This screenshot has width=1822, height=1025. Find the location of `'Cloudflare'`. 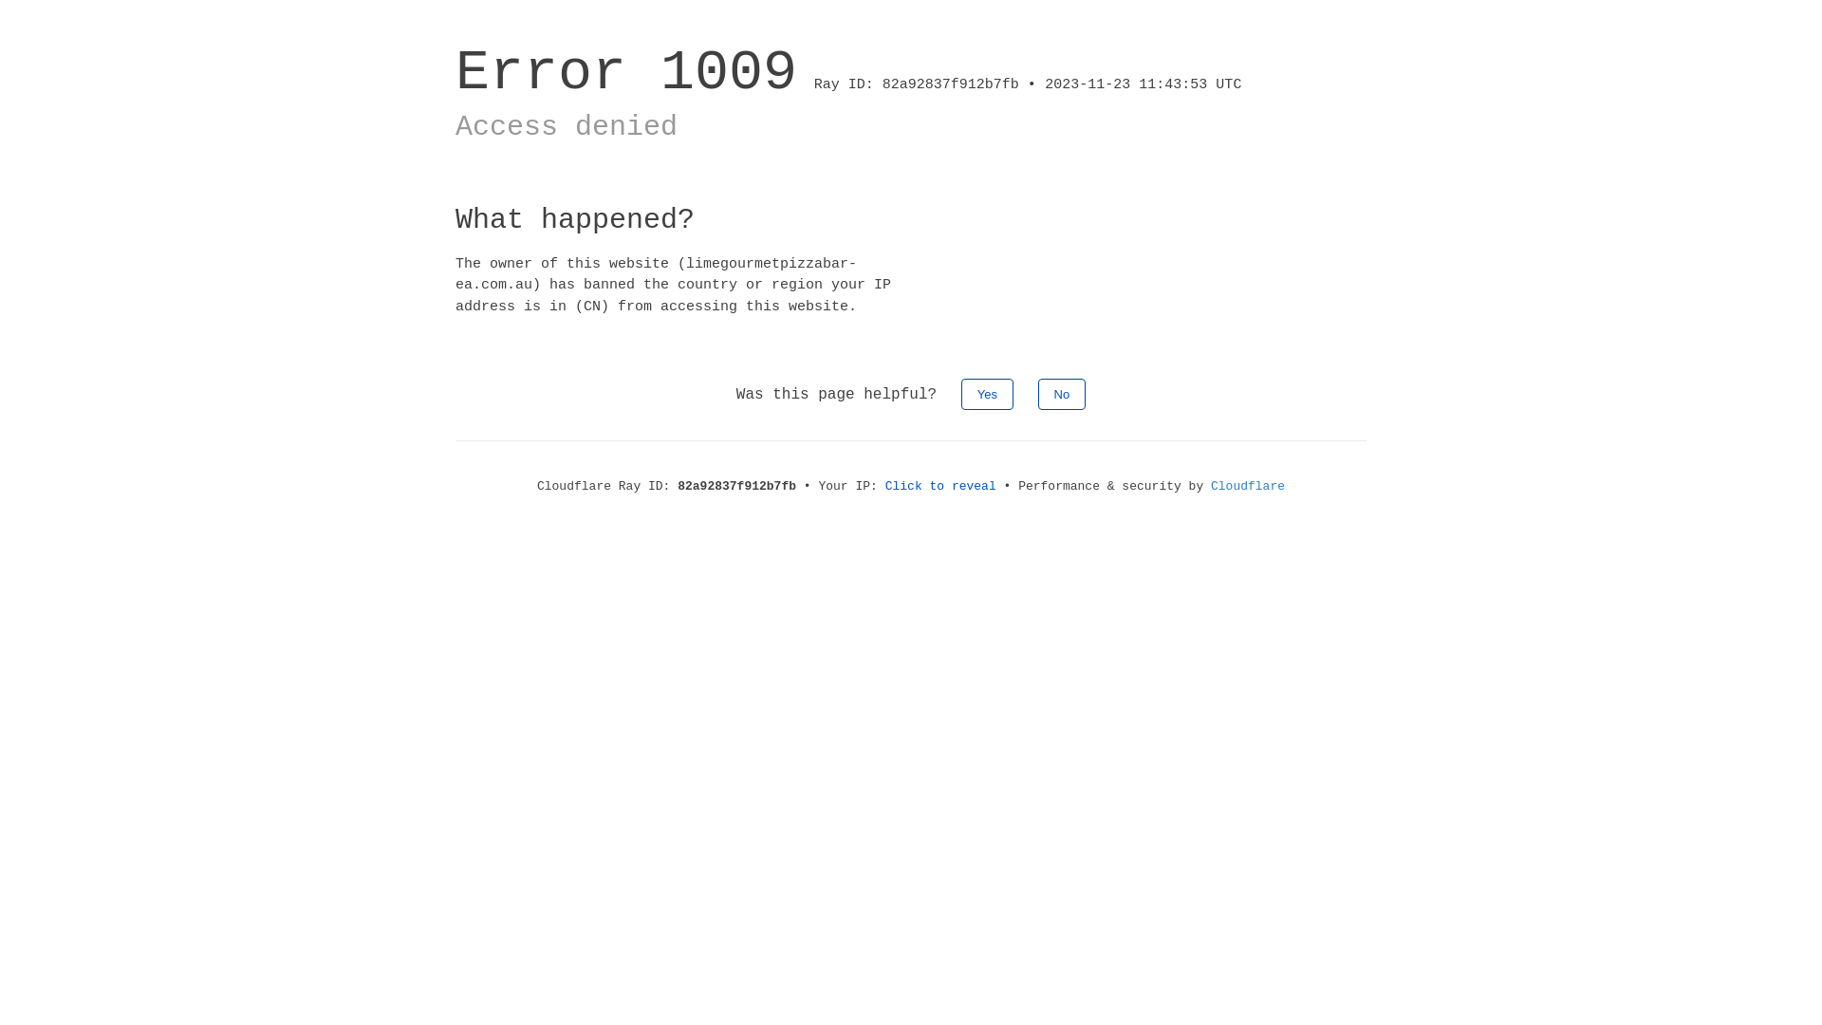

'Cloudflare' is located at coordinates (1210, 485).